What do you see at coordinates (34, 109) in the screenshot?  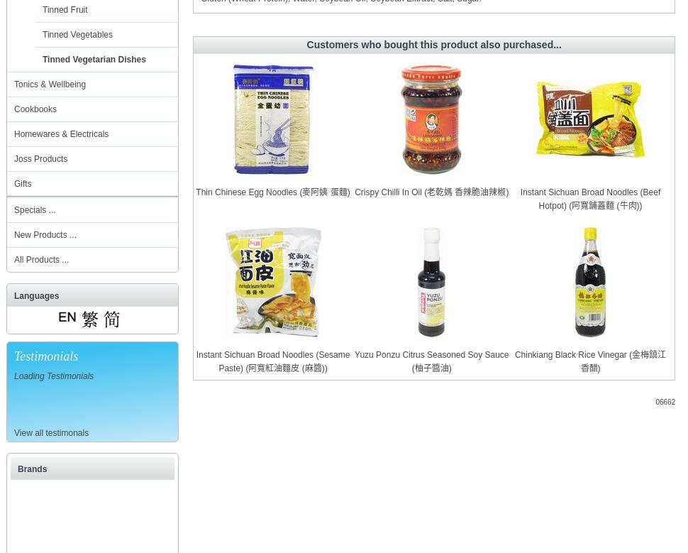 I see `'Cookbooks'` at bounding box center [34, 109].